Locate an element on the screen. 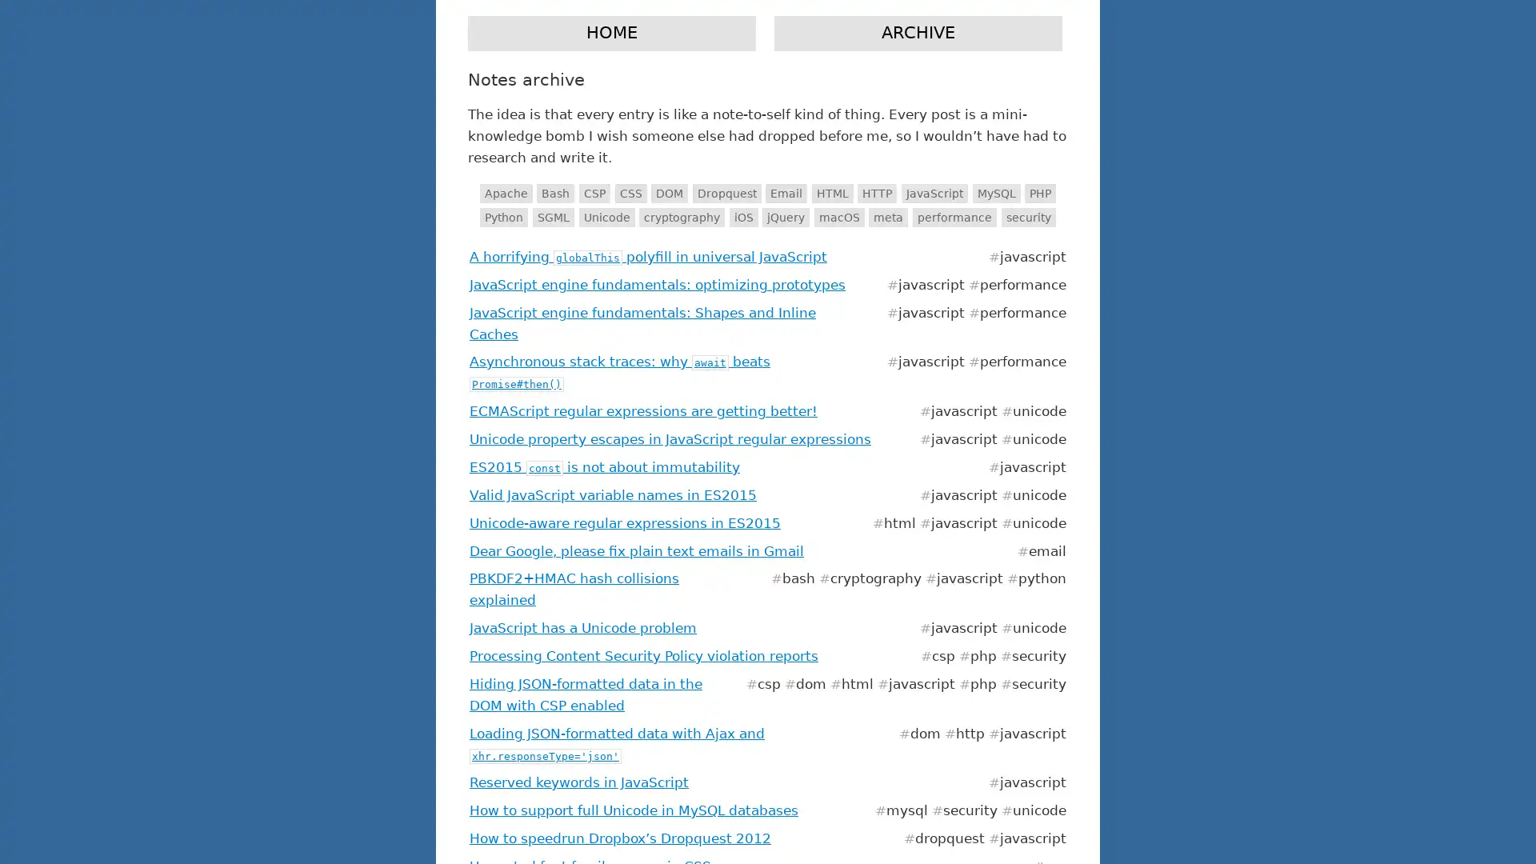  PHP is located at coordinates (1040, 193).